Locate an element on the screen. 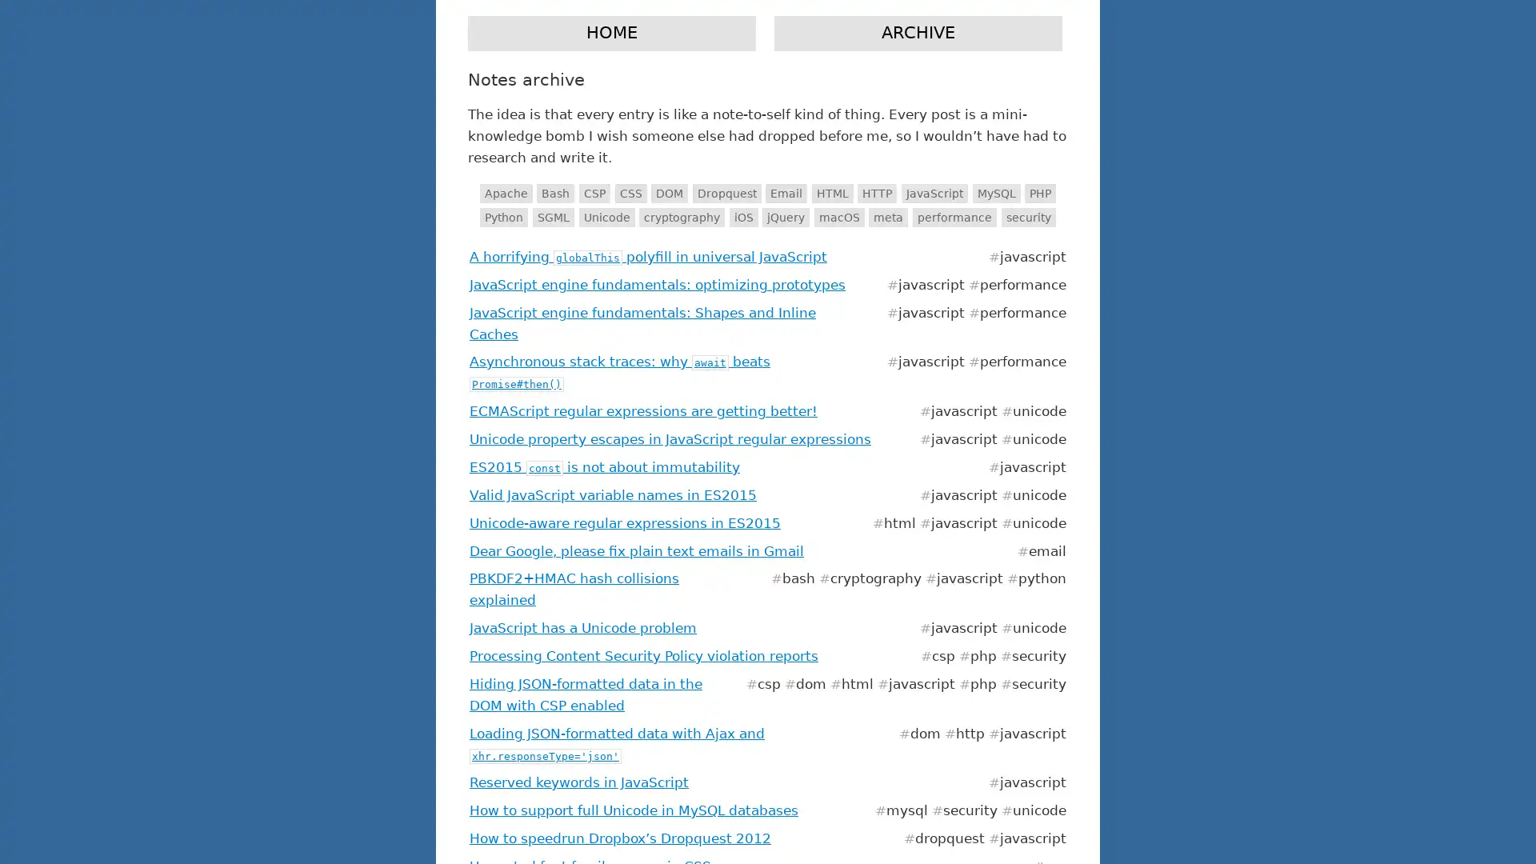  PHP is located at coordinates (1040, 193).